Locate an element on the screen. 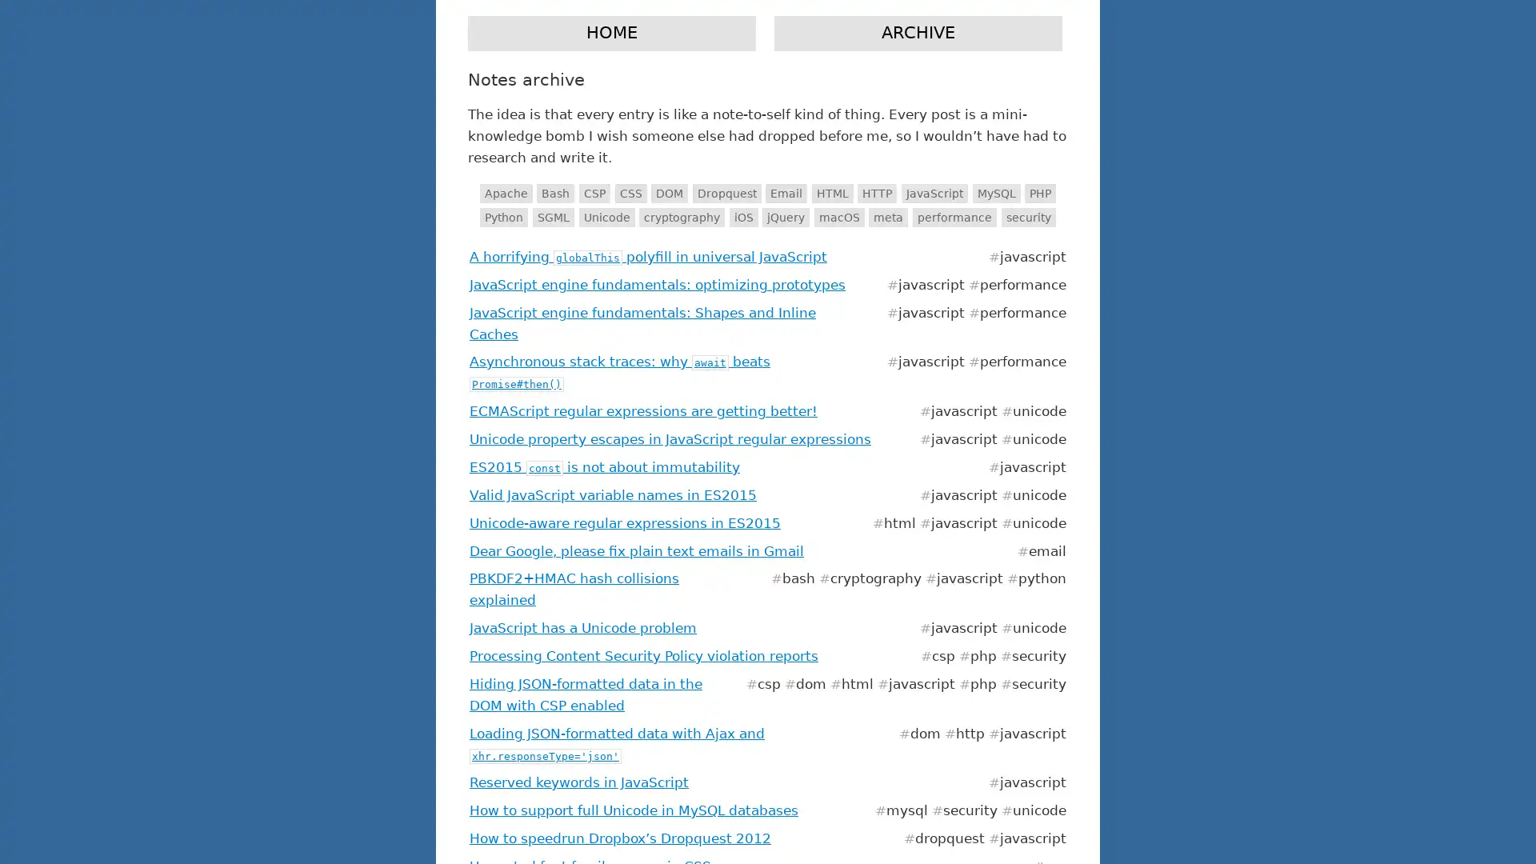  PHP is located at coordinates (1040, 193).